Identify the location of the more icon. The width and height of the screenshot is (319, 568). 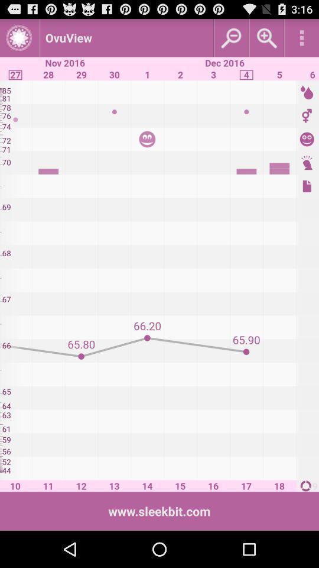
(302, 40).